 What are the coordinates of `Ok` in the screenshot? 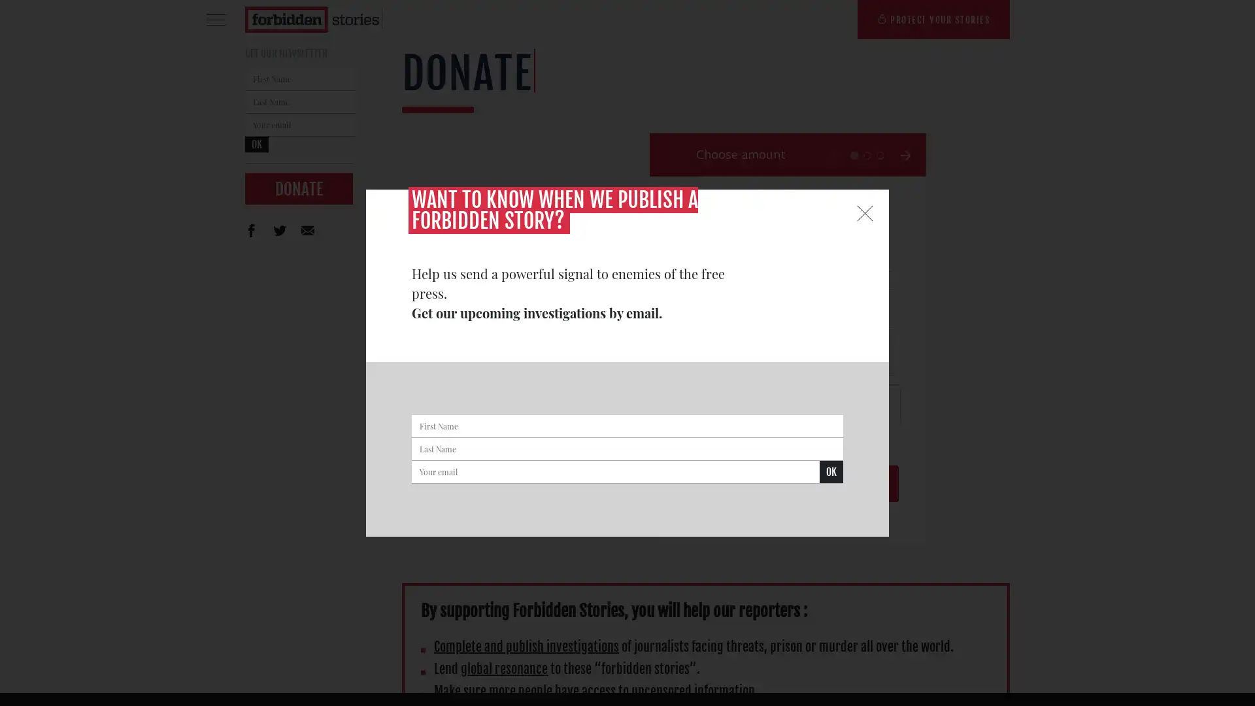 It's located at (831, 472).